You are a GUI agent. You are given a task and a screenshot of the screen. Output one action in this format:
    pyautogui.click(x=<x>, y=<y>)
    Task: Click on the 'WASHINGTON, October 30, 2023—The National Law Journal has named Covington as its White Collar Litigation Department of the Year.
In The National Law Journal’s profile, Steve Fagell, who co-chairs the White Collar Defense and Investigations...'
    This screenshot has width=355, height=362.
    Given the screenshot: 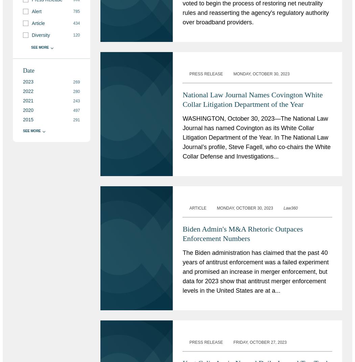 What is the action you would take?
    pyautogui.click(x=183, y=137)
    